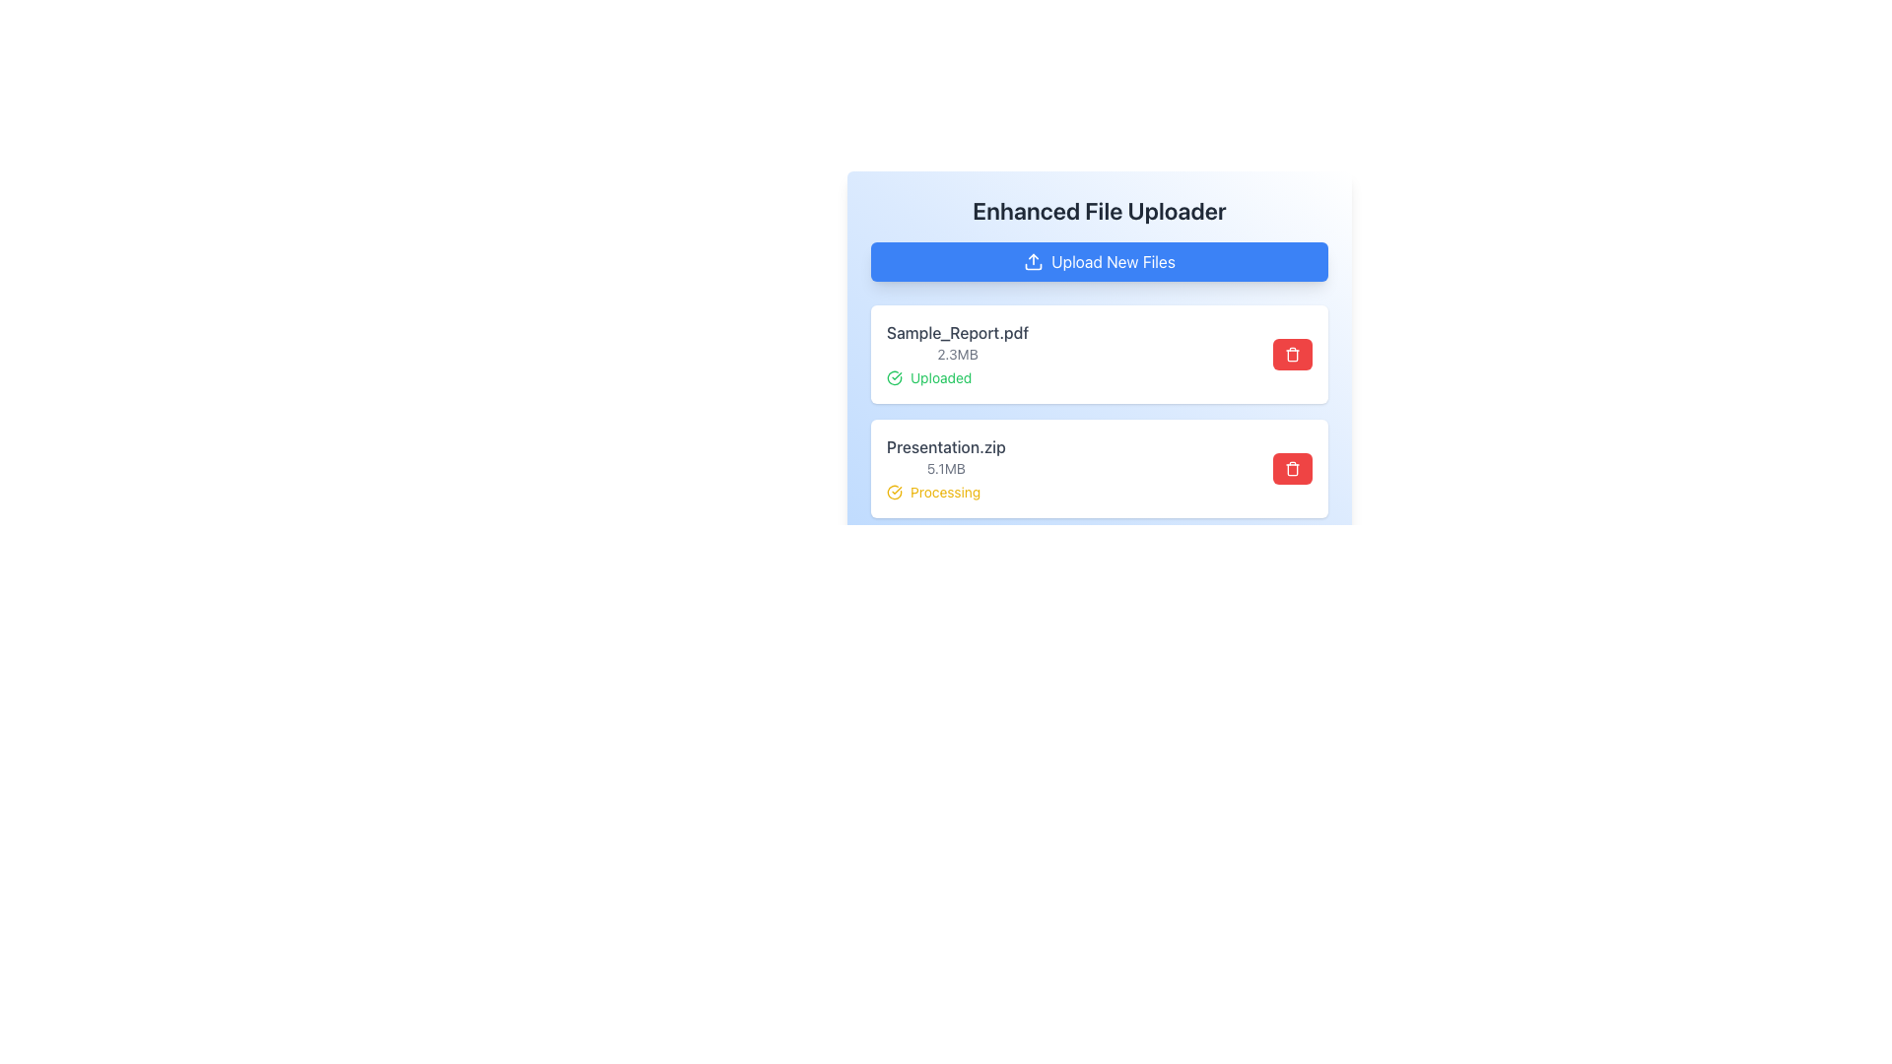 This screenshot has width=1892, height=1064. Describe the element at coordinates (1099, 261) in the screenshot. I see `the 'Upload New Files' button, which is a blue rectangular button with rounded corners located below the 'Enhanced File Uploader' heading` at that location.